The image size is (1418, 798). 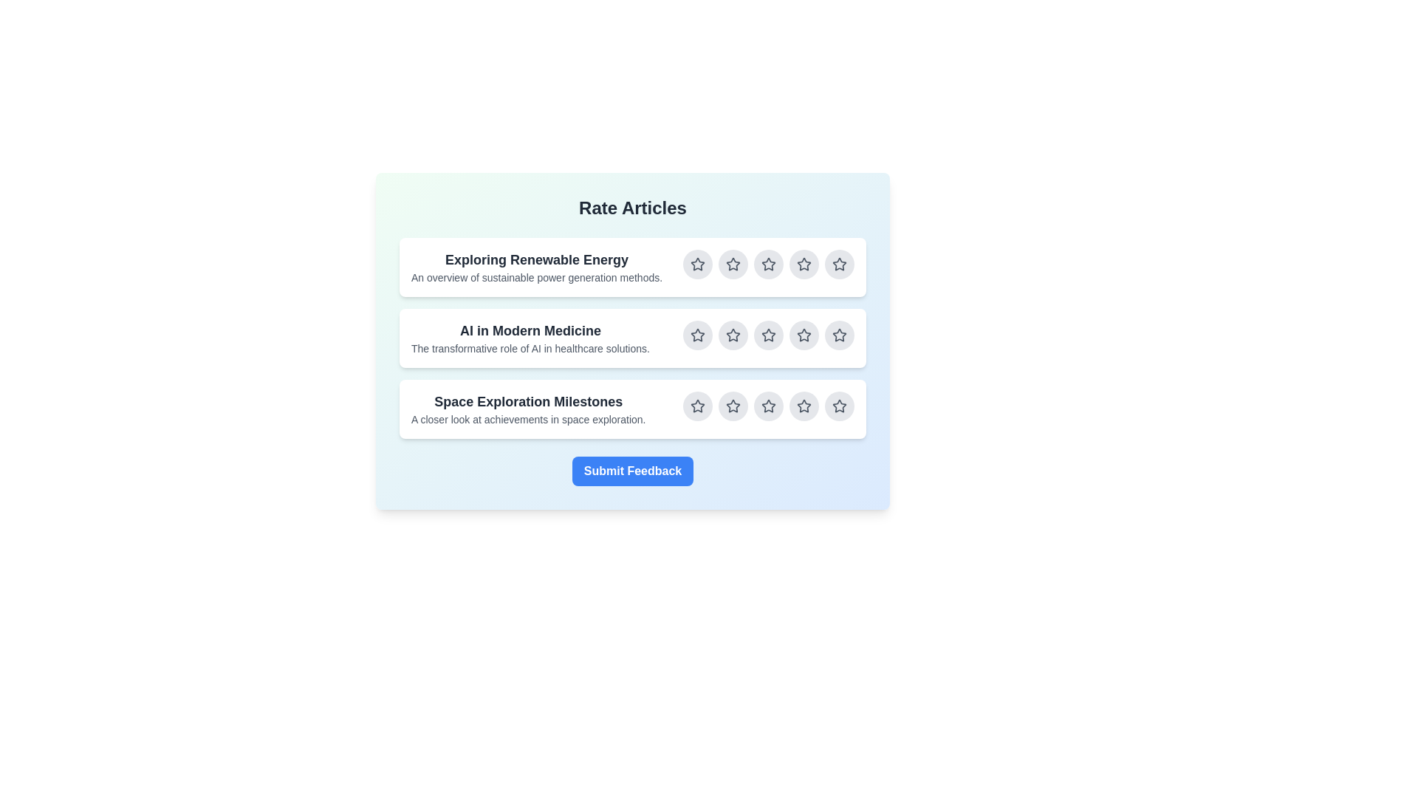 What do you see at coordinates (733, 264) in the screenshot?
I see `the rating for an article to 2 stars by clicking on the corresponding star` at bounding box center [733, 264].